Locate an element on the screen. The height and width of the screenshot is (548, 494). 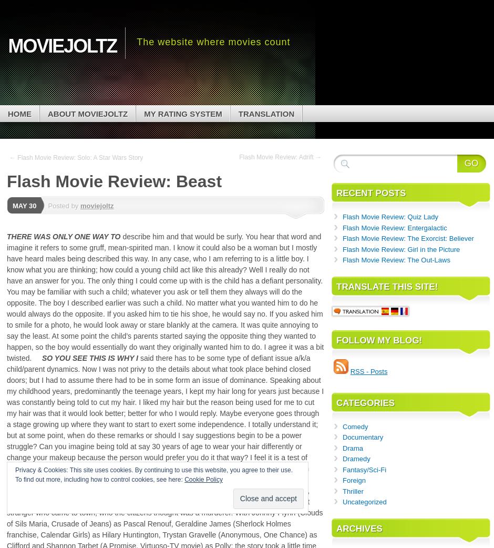
'Privacy & Cookies: This site uses cookies. By continuing to use this website, you agree to their use.' is located at coordinates (153, 470).